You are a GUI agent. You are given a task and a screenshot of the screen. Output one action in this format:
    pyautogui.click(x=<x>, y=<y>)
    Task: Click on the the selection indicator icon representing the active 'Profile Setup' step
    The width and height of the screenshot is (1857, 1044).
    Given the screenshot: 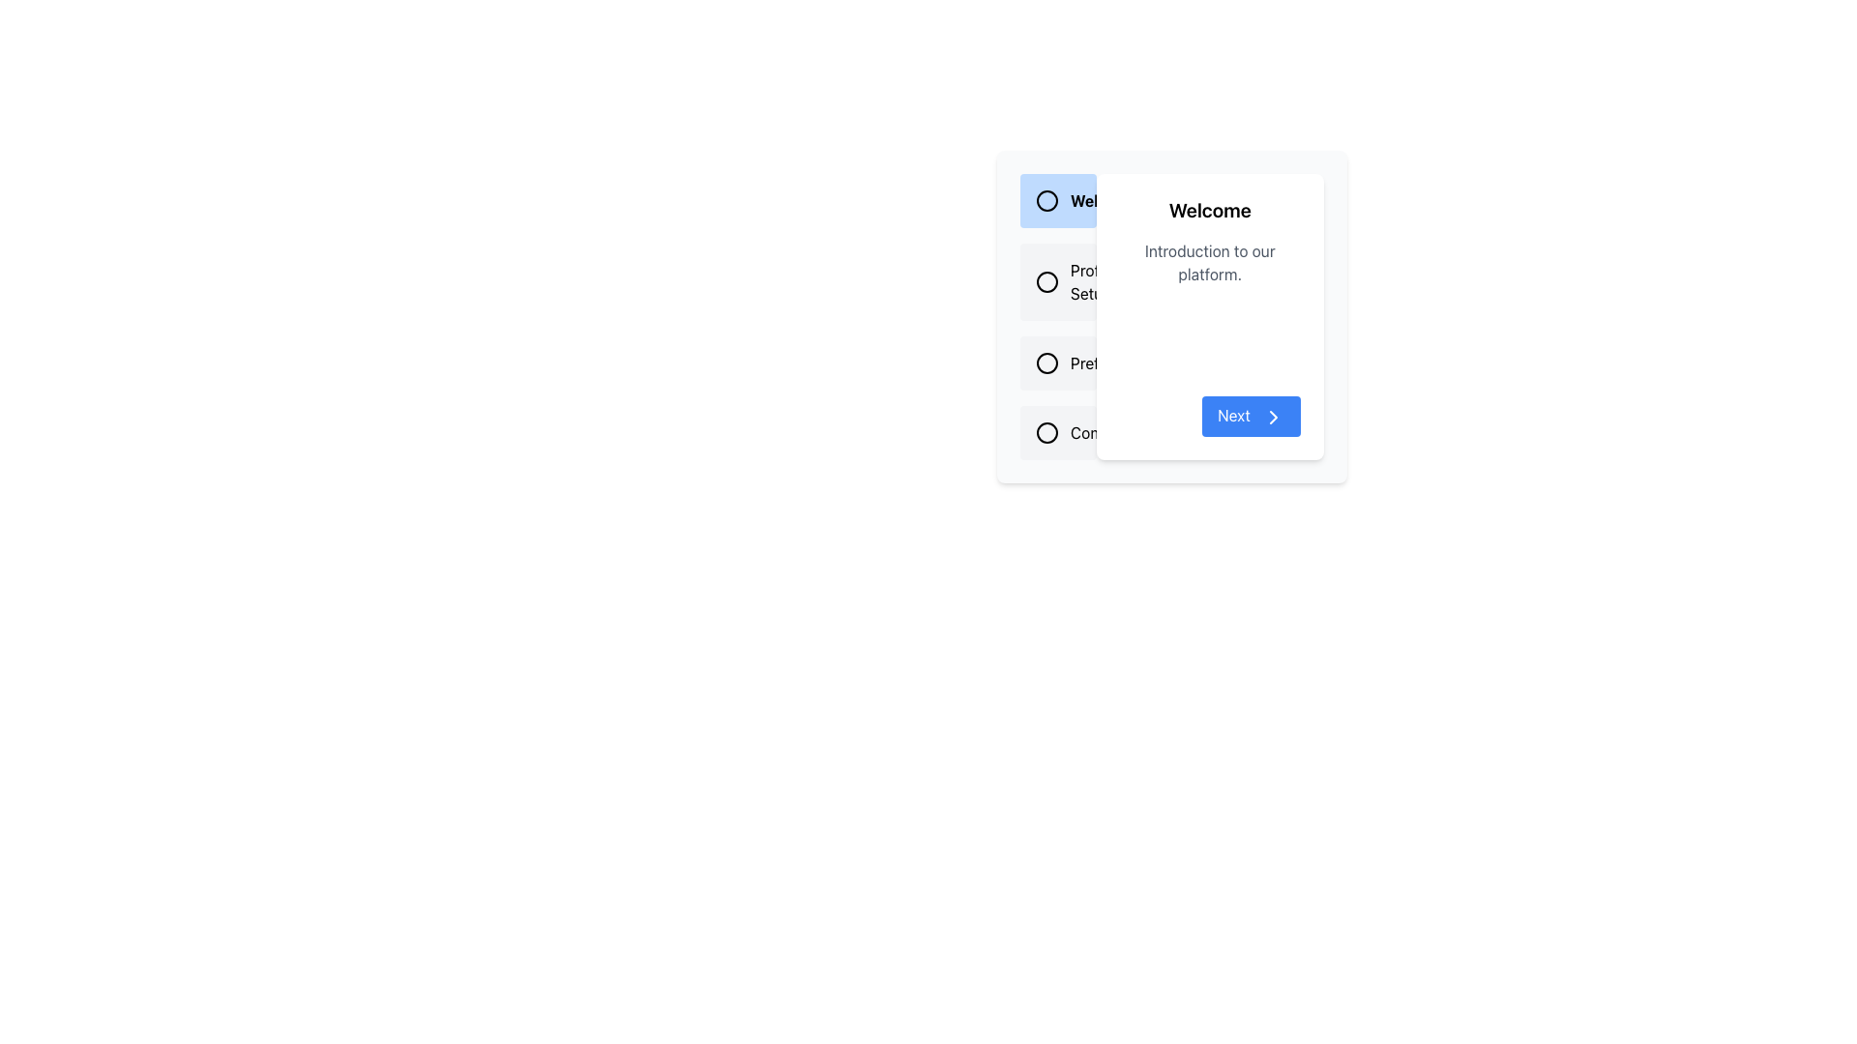 What is the action you would take?
    pyautogui.click(x=1046, y=282)
    